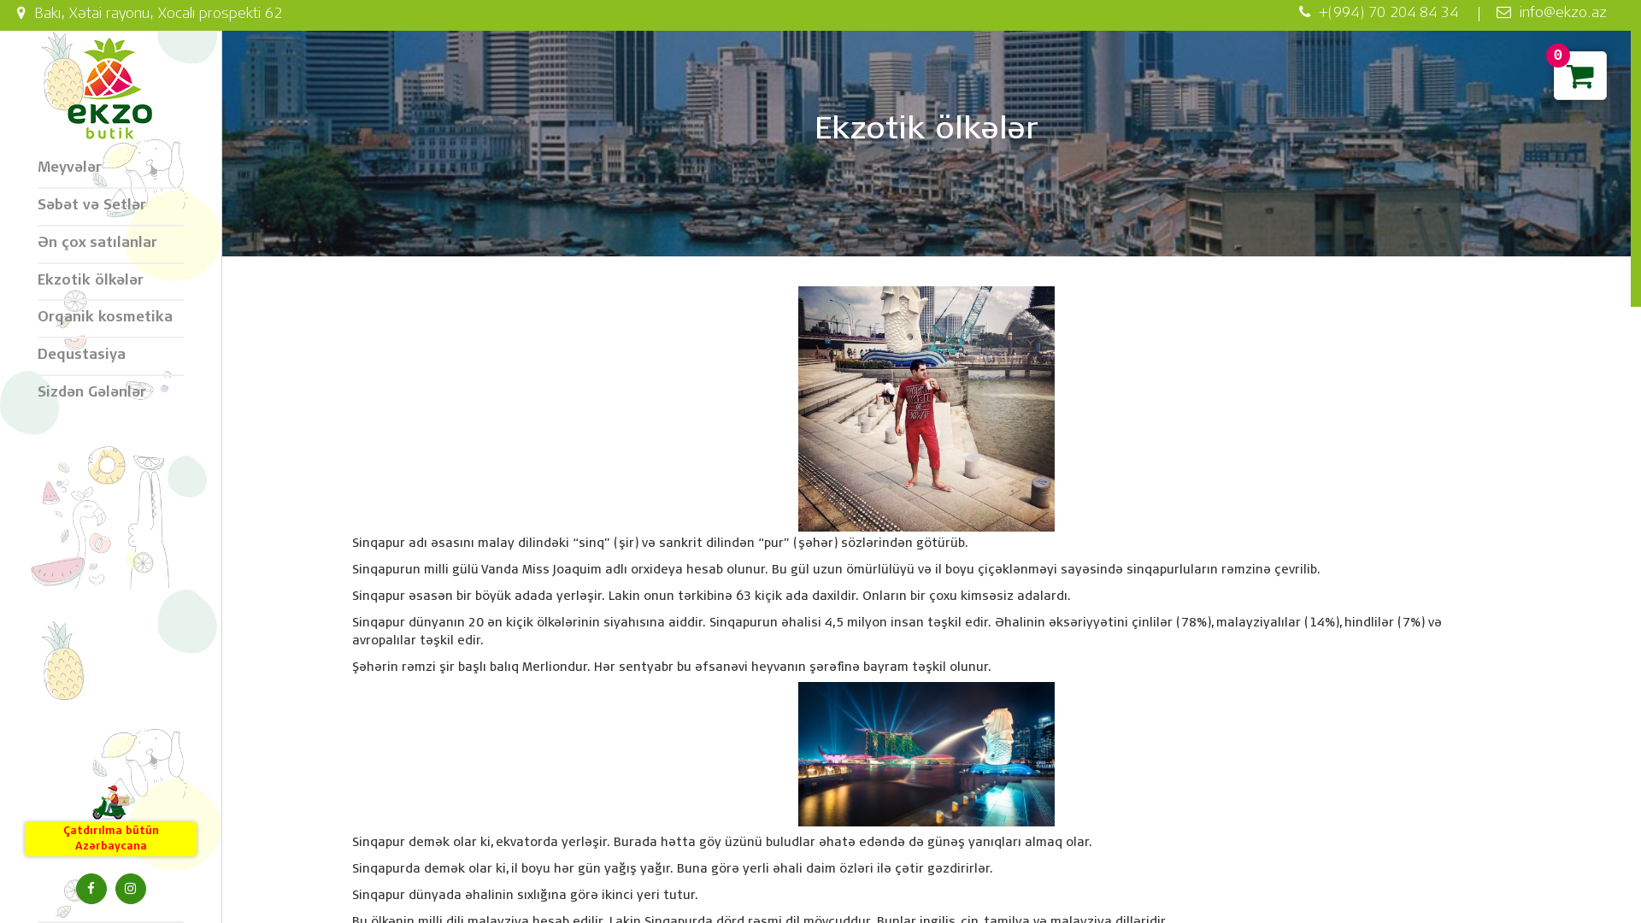 Image resolution: width=1641 pixels, height=923 pixels. I want to click on 'instagram', so click(129, 888).